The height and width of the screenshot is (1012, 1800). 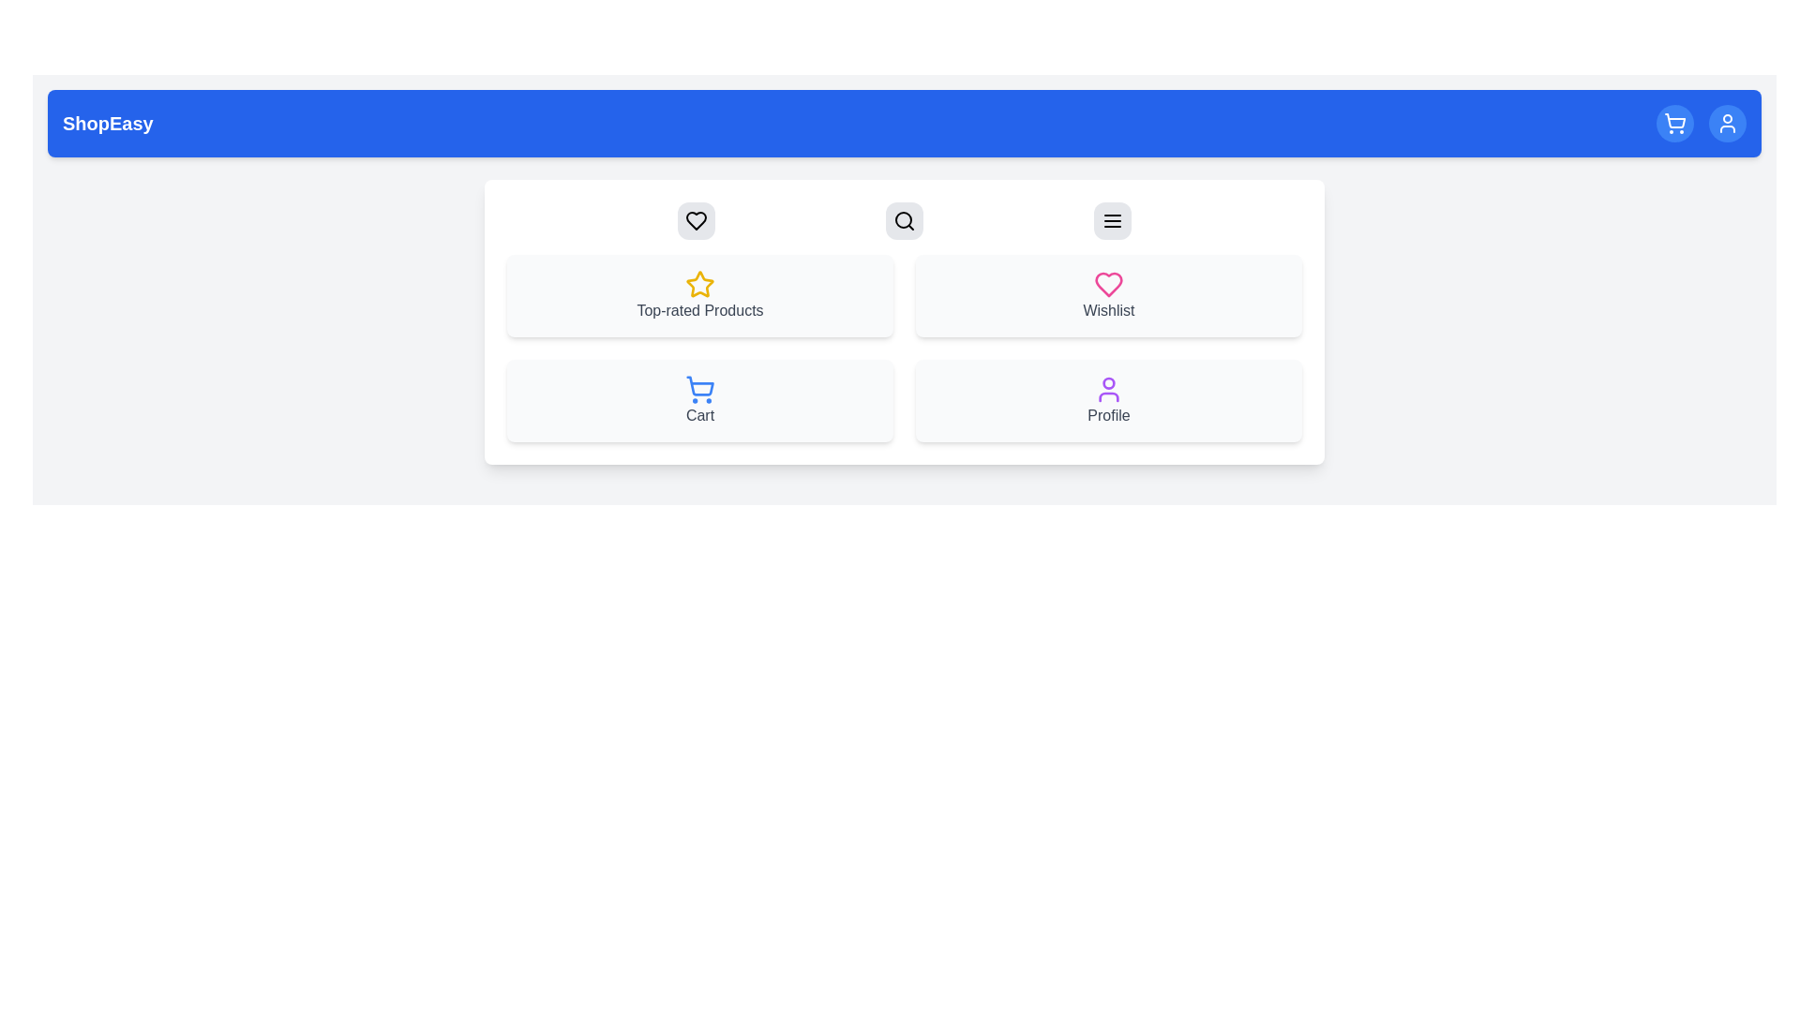 I want to click on the profile card located in the bottom-right corner of the grid layout, which provides access to personal information, settings, and customization options, so click(x=1108, y=400).